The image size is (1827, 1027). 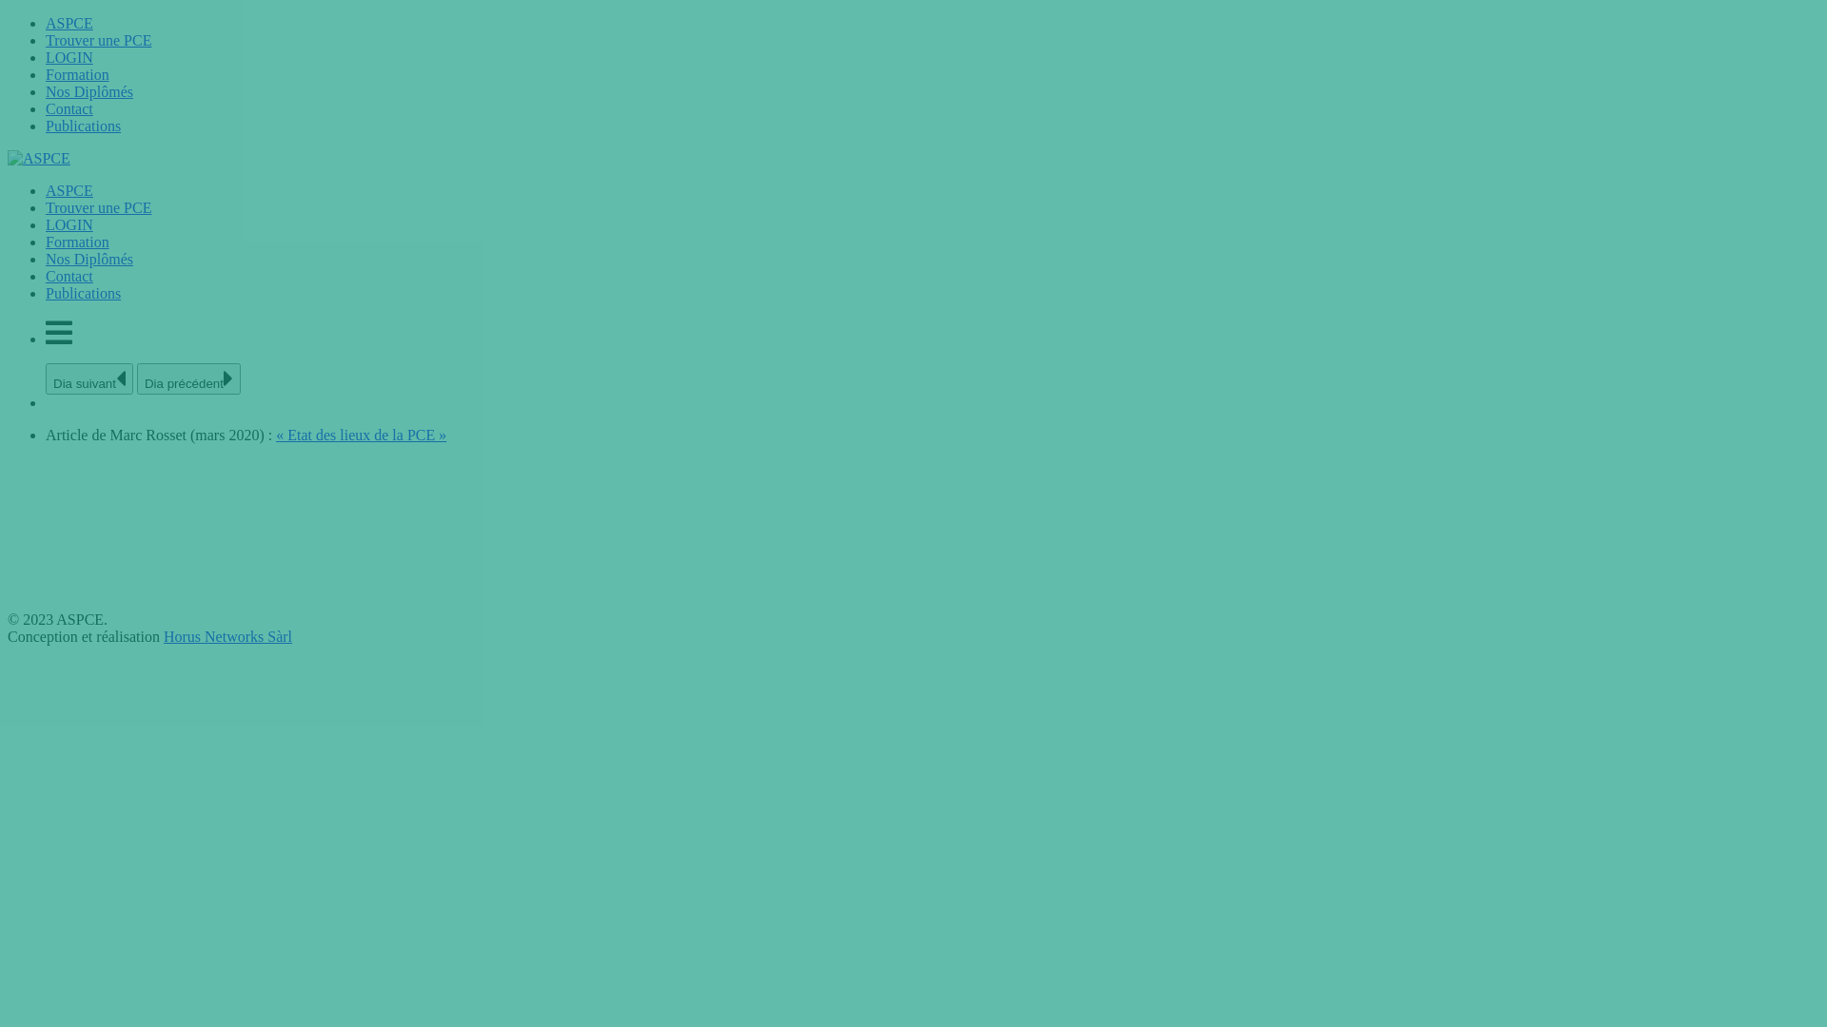 What do you see at coordinates (88, 378) in the screenshot?
I see `'Dia suivant'` at bounding box center [88, 378].